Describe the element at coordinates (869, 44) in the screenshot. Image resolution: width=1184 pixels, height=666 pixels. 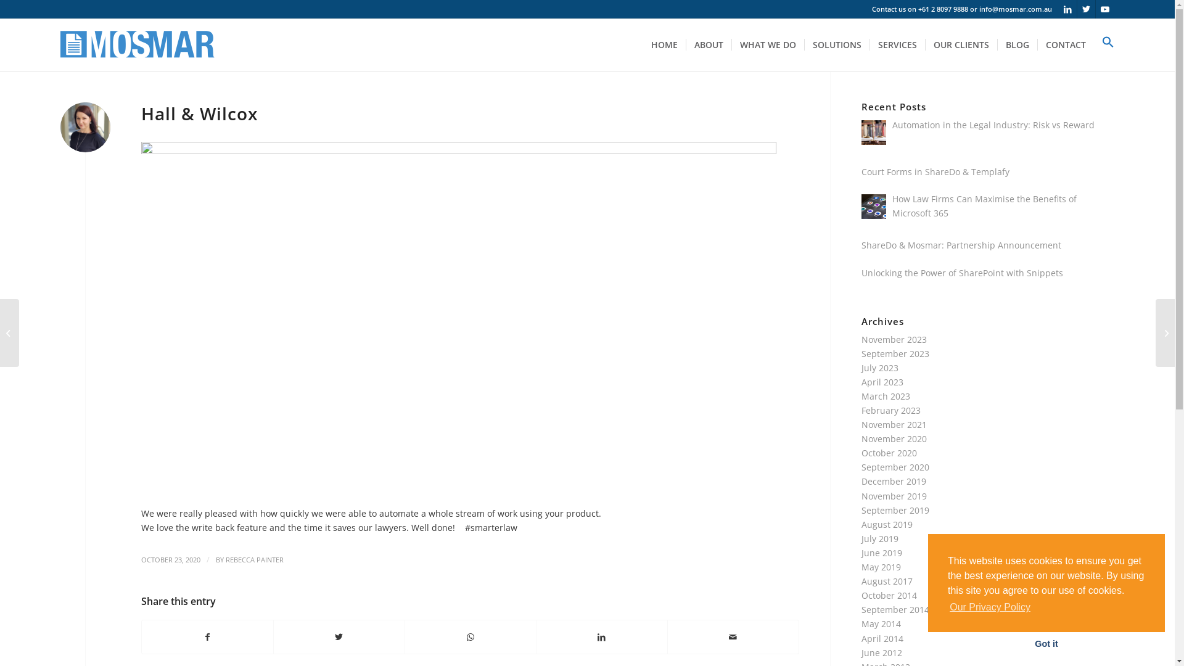
I see `'SERVICES'` at that location.